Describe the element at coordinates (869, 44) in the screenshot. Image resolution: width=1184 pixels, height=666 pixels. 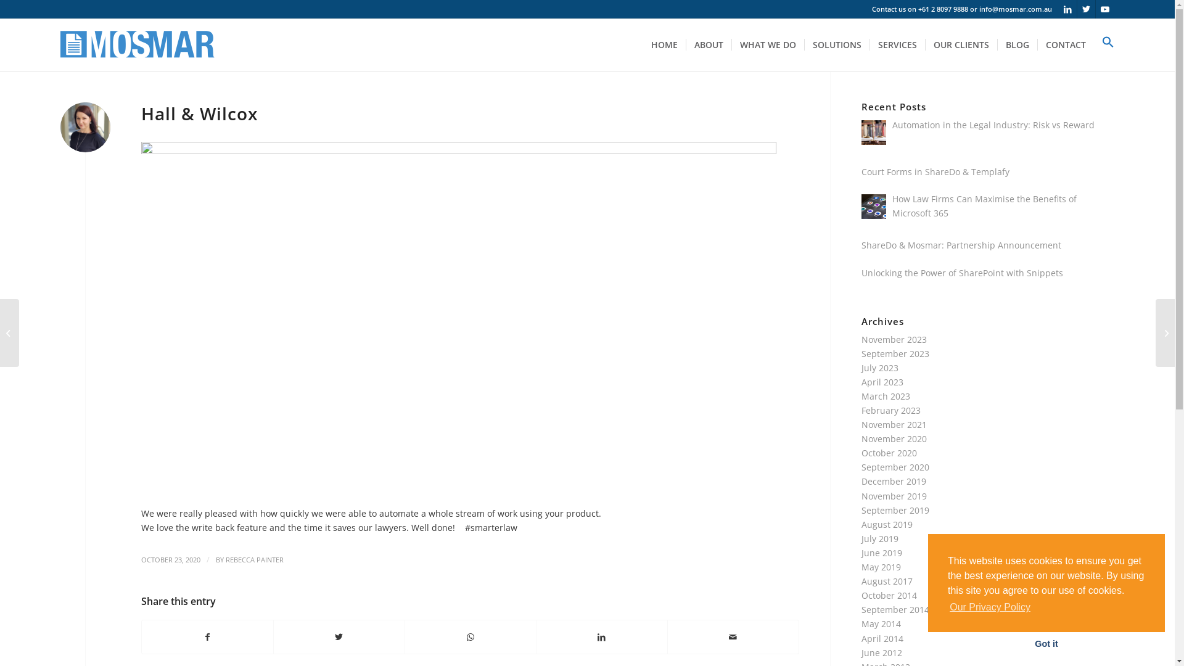
I see `'SERVICES'` at that location.